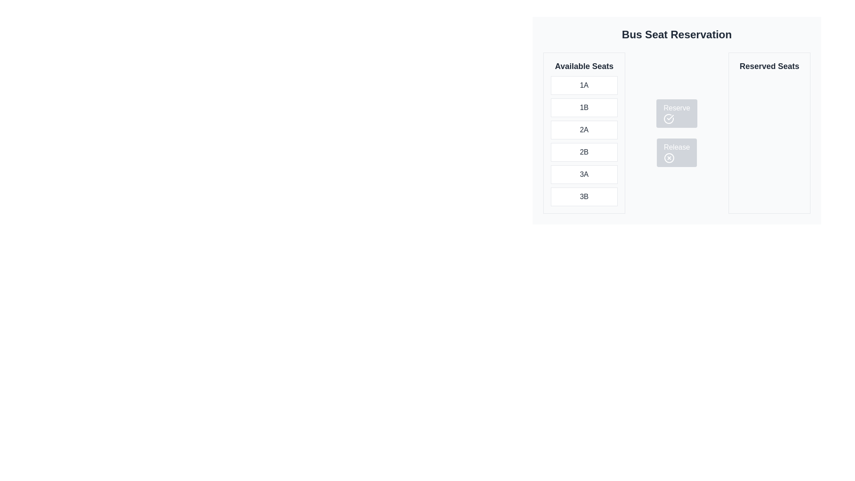 The width and height of the screenshot is (855, 481). I want to click on the bus seat identifier button labeled '3A', so click(584, 175).